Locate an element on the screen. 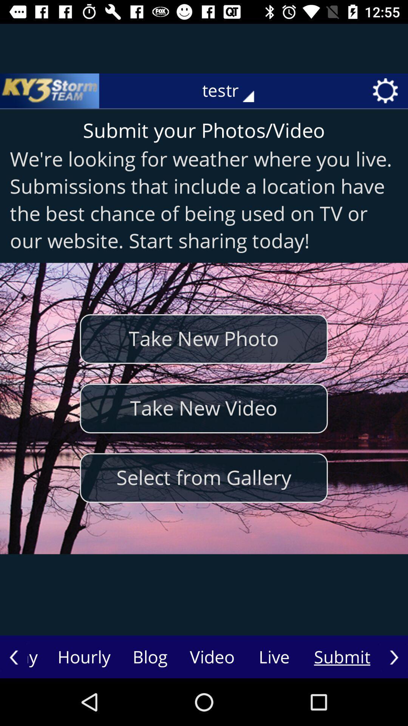 The height and width of the screenshot is (726, 408). the arrow_backward icon is located at coordinates (14, 657).